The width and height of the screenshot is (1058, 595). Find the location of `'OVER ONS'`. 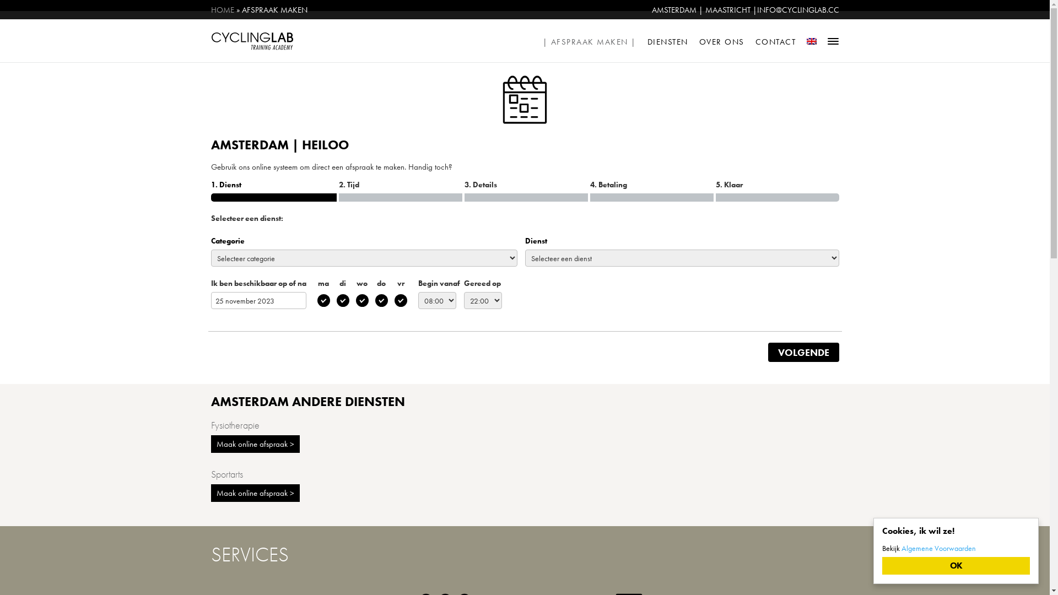

'OVER ONS' is located at coordinates (722, 40).